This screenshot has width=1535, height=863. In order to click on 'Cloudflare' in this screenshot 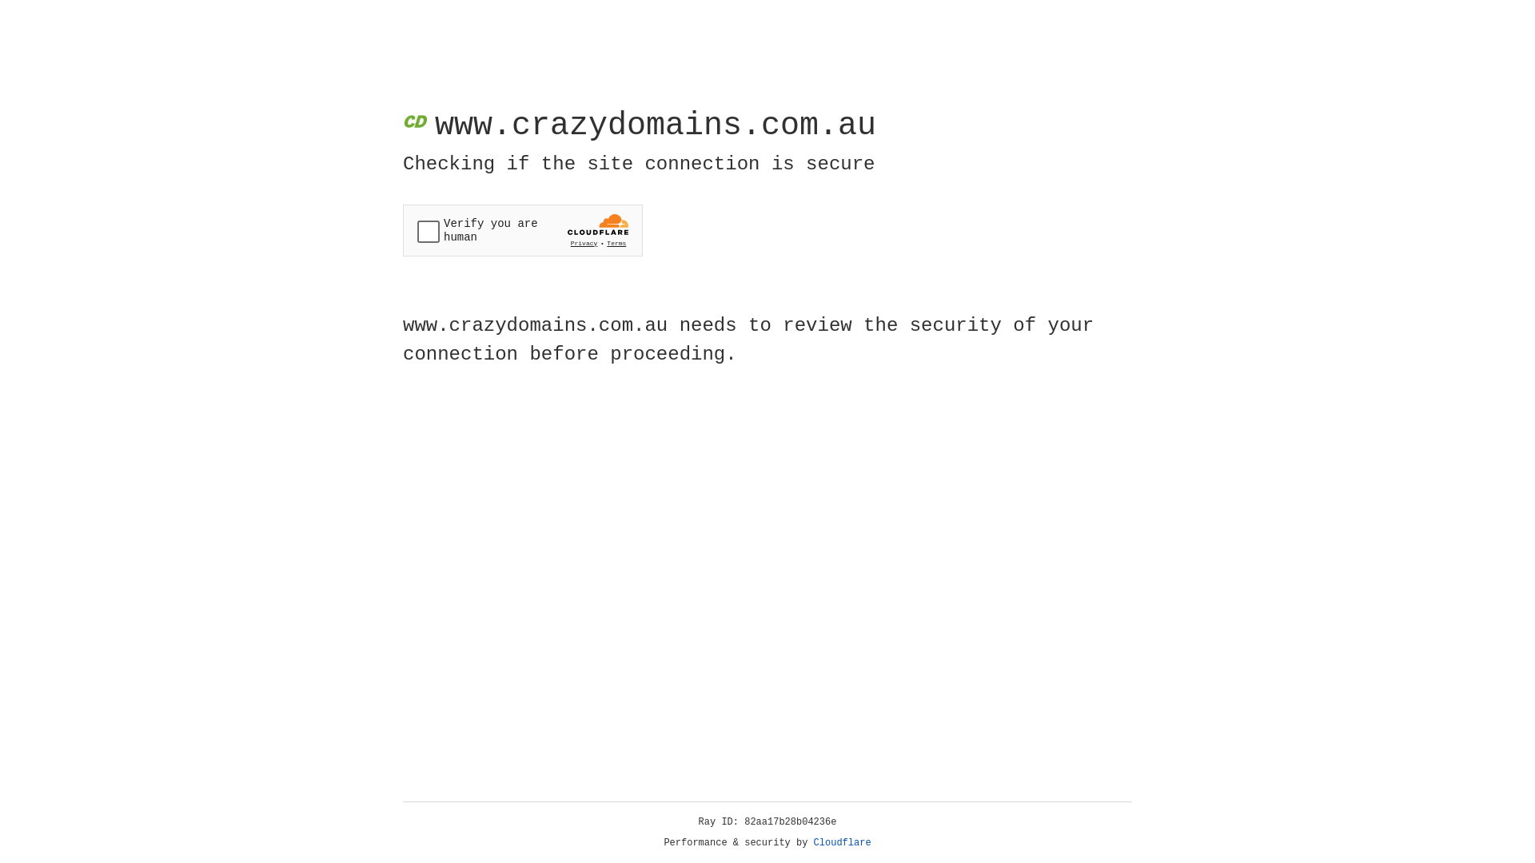, I will do `click(813, 842)`.